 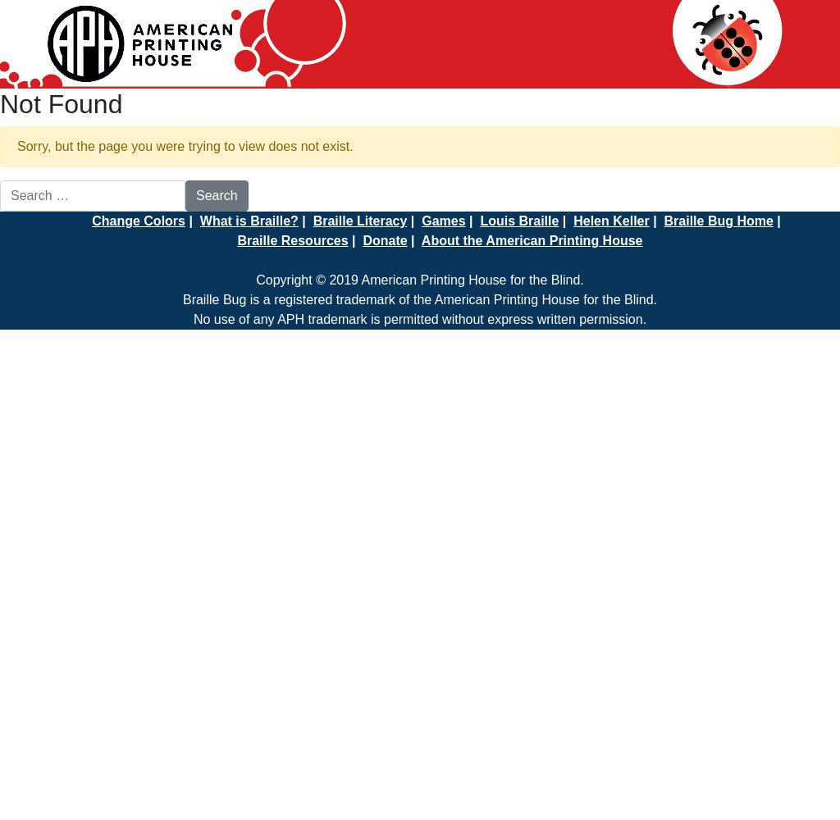 I want to click on 'Not Found', so click(x=60, y=104).